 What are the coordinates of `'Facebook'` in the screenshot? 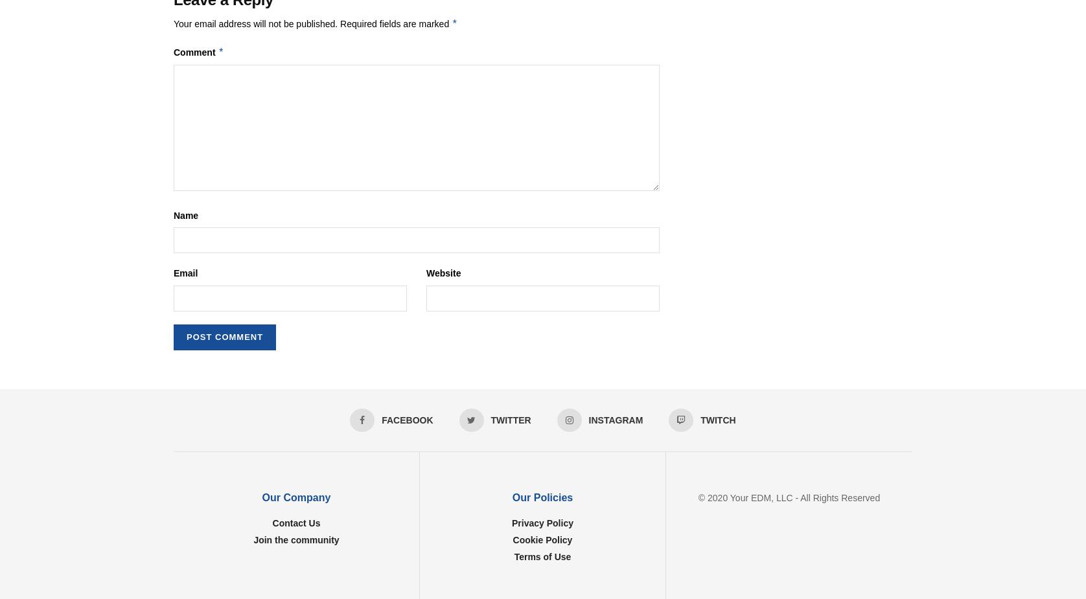 It's located at (407, 419).